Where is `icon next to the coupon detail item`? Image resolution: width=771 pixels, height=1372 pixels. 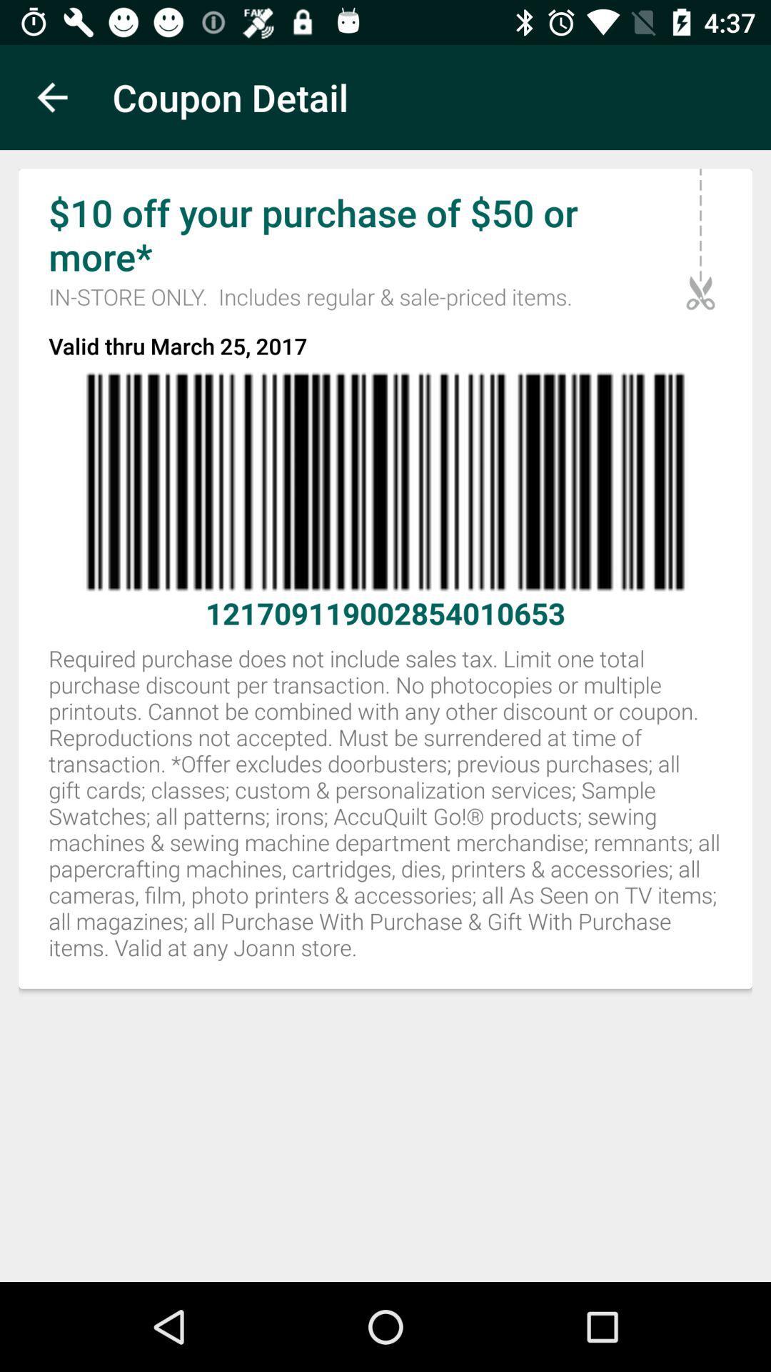
icon next to the coupon detail item is located at coordinates (51, 96).